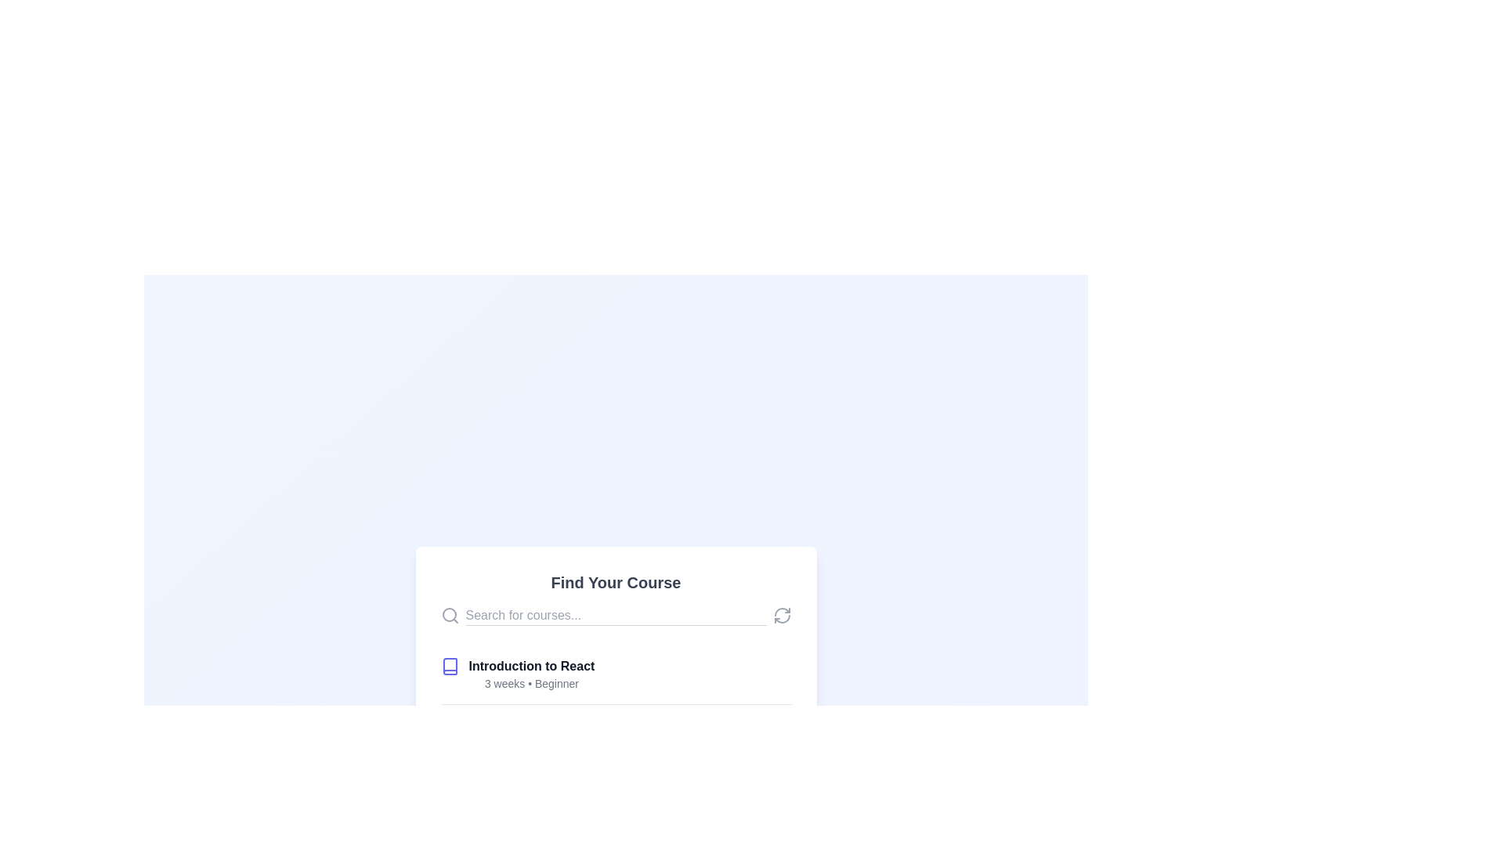  What do you see at coordinates (531, 666) in the screenshot?
I see `the title text label above '3 weeks • Beginner' in the 'Find Your Course' section for possible interaction` at bounding box center [531, 666].